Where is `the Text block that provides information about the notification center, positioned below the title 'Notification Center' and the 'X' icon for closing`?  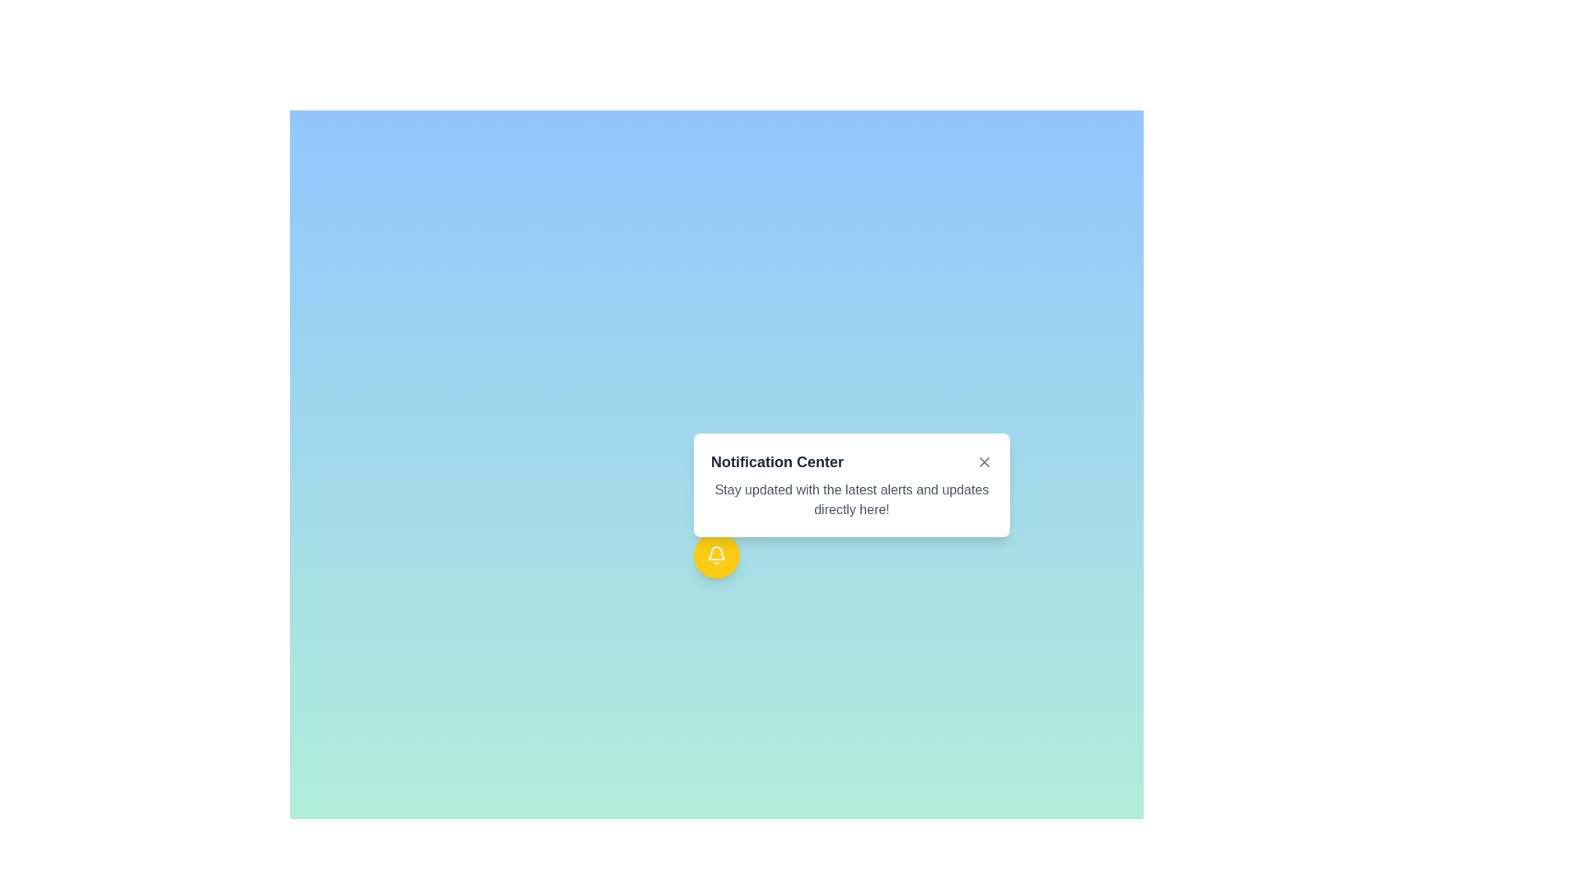 the Text block that provides information about the notification center, positioned below the title 'Notification Center' and the 'X' icon for closing is located at coordinates (851, 499).